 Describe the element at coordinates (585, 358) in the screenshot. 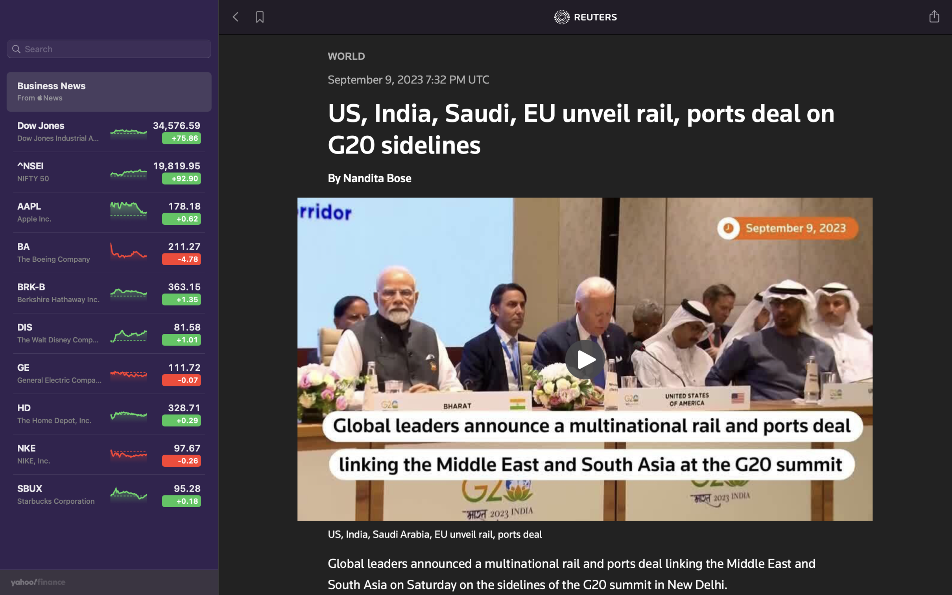

I see `Begin the subsequent news video file` at that location.